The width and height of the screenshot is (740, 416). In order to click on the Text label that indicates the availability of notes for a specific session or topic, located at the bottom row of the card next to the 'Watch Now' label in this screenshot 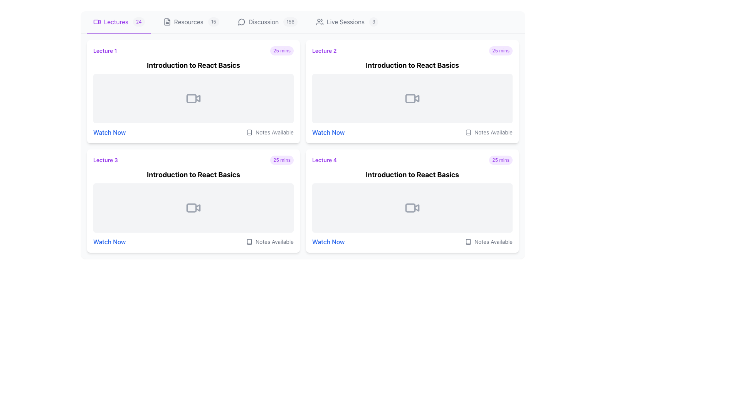, I will do `click(493, 132)`.